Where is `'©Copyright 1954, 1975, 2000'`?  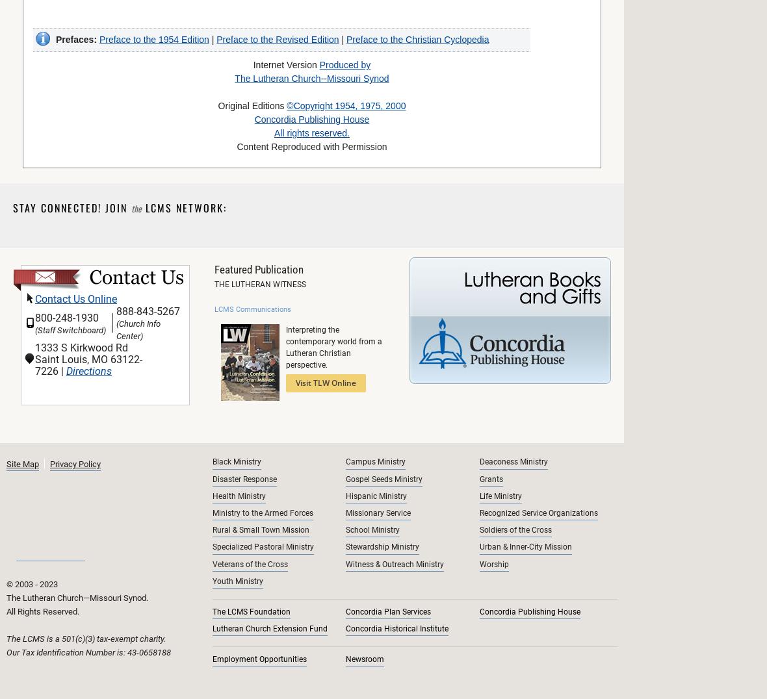 '©Copyright 1954, 1975, 2000' is located at coordinates (346, 106).